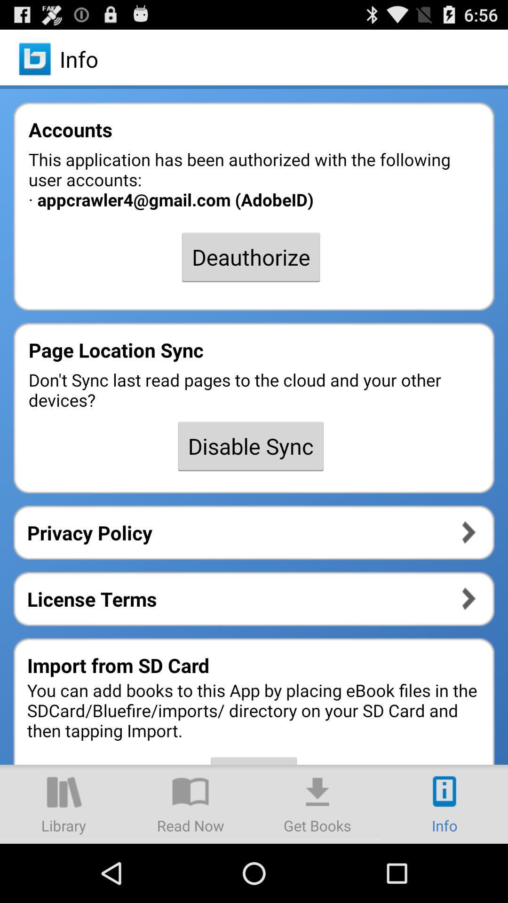  Describe the element at coordinates (317, 803) in the screenshot. I see `show the books downloaded` at that location.